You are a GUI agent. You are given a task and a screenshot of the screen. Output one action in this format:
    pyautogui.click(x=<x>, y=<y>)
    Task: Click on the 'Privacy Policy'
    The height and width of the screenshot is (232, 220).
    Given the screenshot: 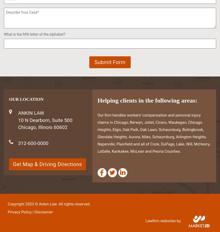 What is the action you would take?
    pyautogui.click(x=19, y=212)
    